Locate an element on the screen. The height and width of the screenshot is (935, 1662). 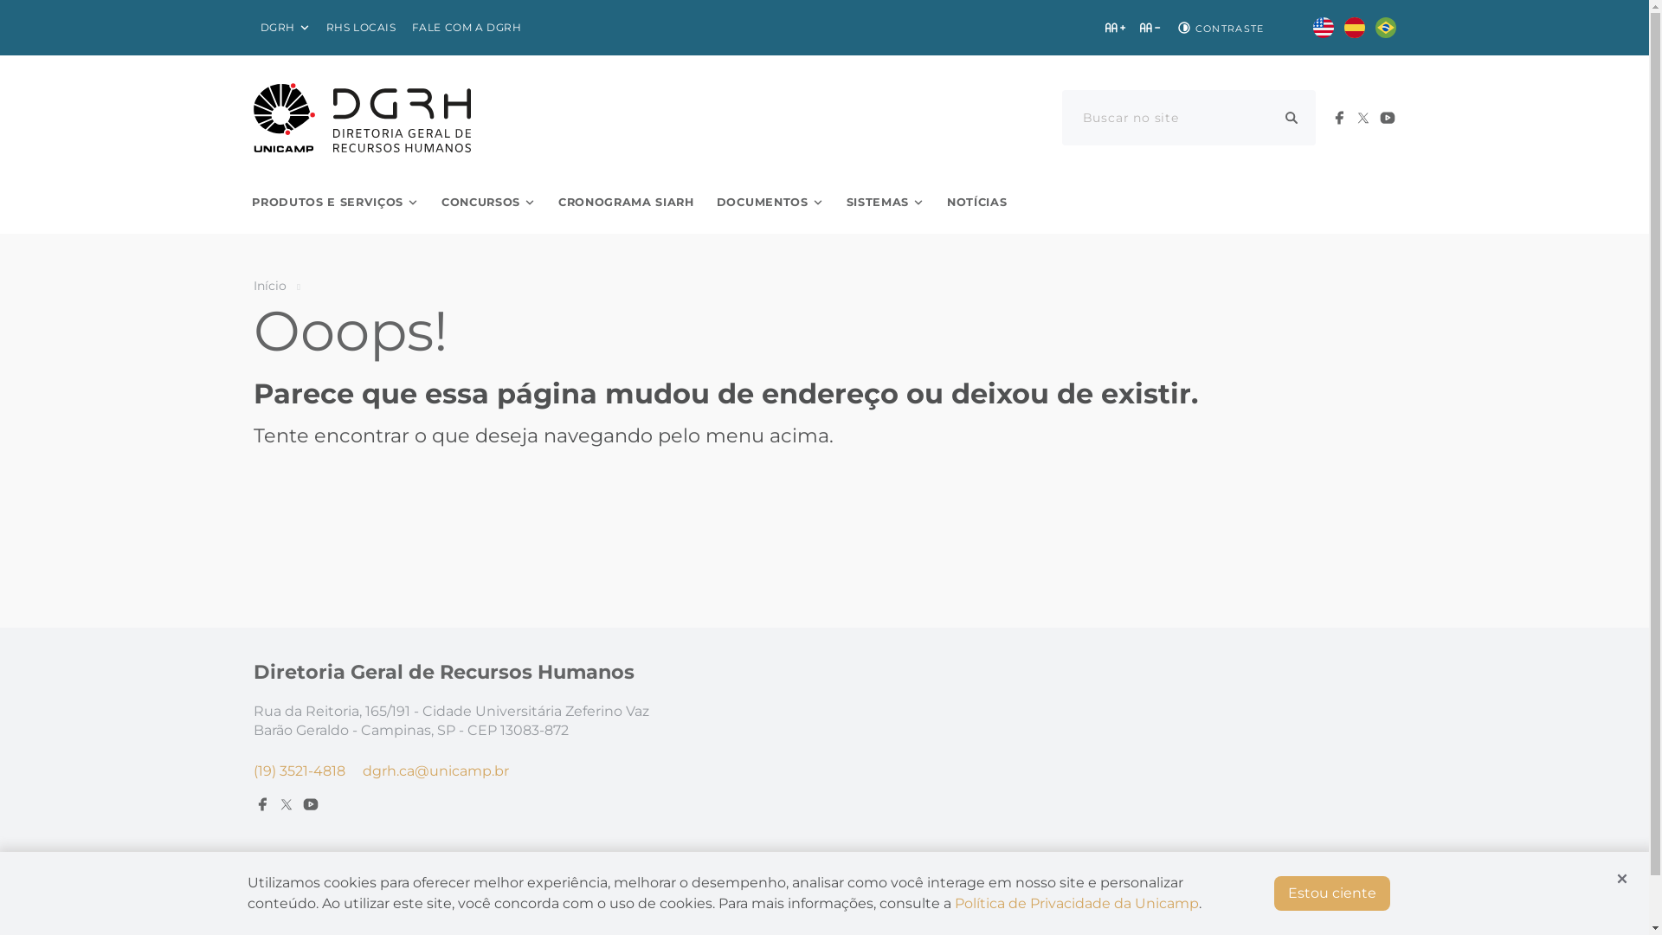
'English' is located at coordinates (1312, 27).